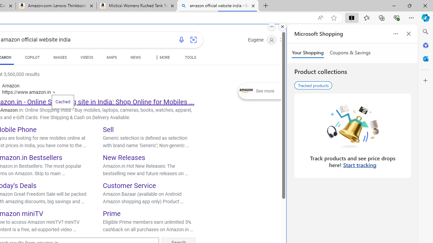 The width and height of the screenshot is (433, 243). What do you see at coordinates (409, 5) in the screenshot?
I see `'Restore'` at bounding box center [409, 5].